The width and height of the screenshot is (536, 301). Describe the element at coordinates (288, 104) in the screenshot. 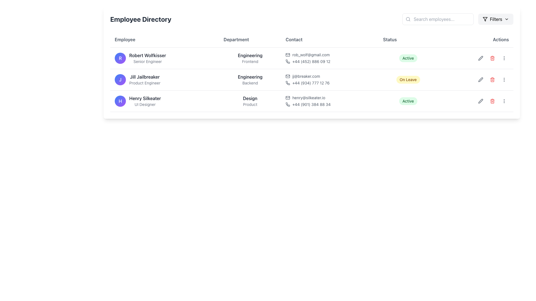

I see `the small, black, stylized phone icon in the 'Contact' column of the last row of the 'Employee Directory' UI to interact` at that location.